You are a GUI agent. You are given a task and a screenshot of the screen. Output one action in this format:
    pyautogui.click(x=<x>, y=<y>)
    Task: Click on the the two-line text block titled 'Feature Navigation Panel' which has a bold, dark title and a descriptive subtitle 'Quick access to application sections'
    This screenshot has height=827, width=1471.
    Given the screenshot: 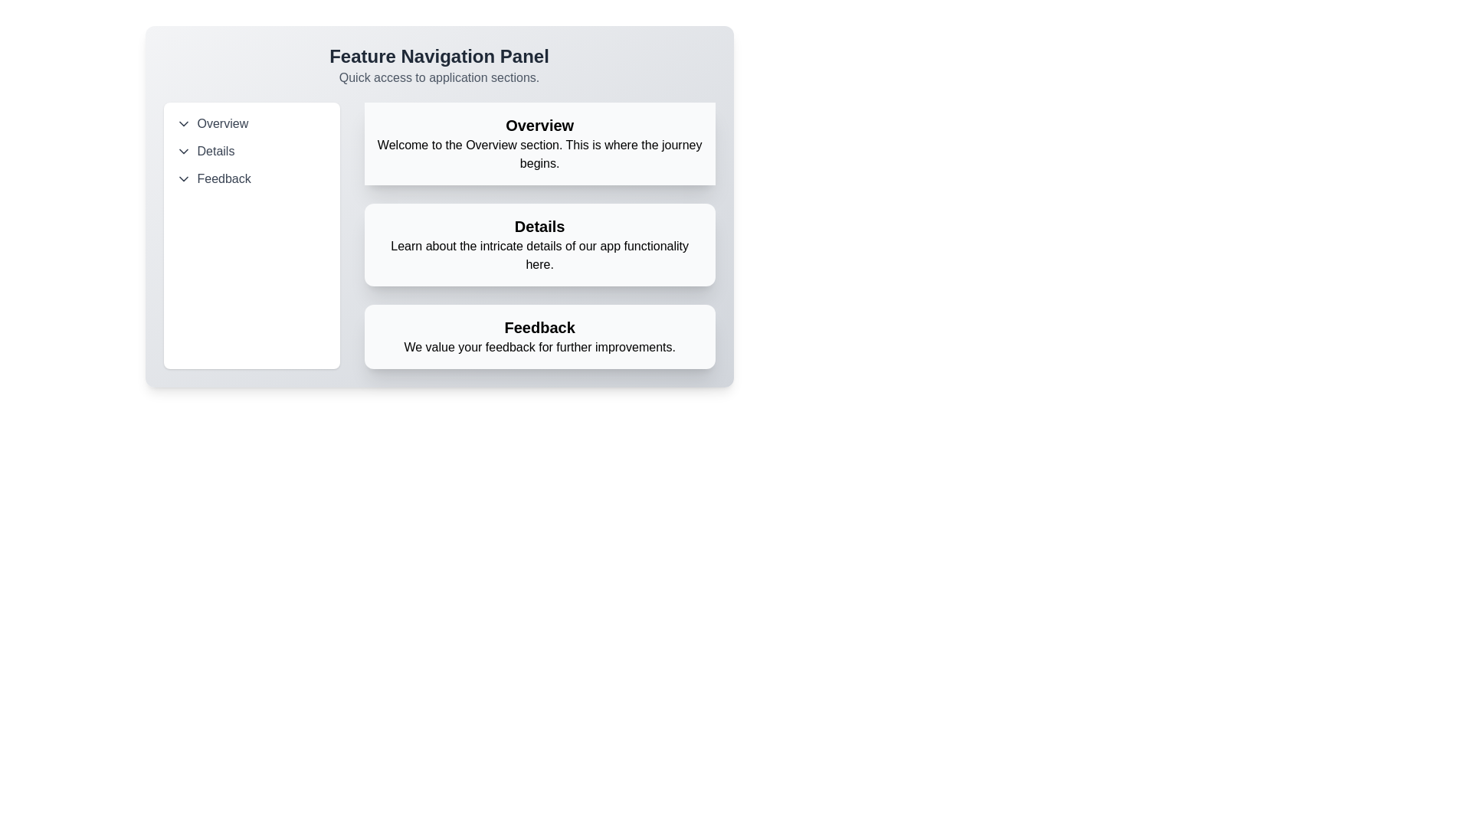 What is the action you would take?
    pyautogui.click(x=438, y=64)
    